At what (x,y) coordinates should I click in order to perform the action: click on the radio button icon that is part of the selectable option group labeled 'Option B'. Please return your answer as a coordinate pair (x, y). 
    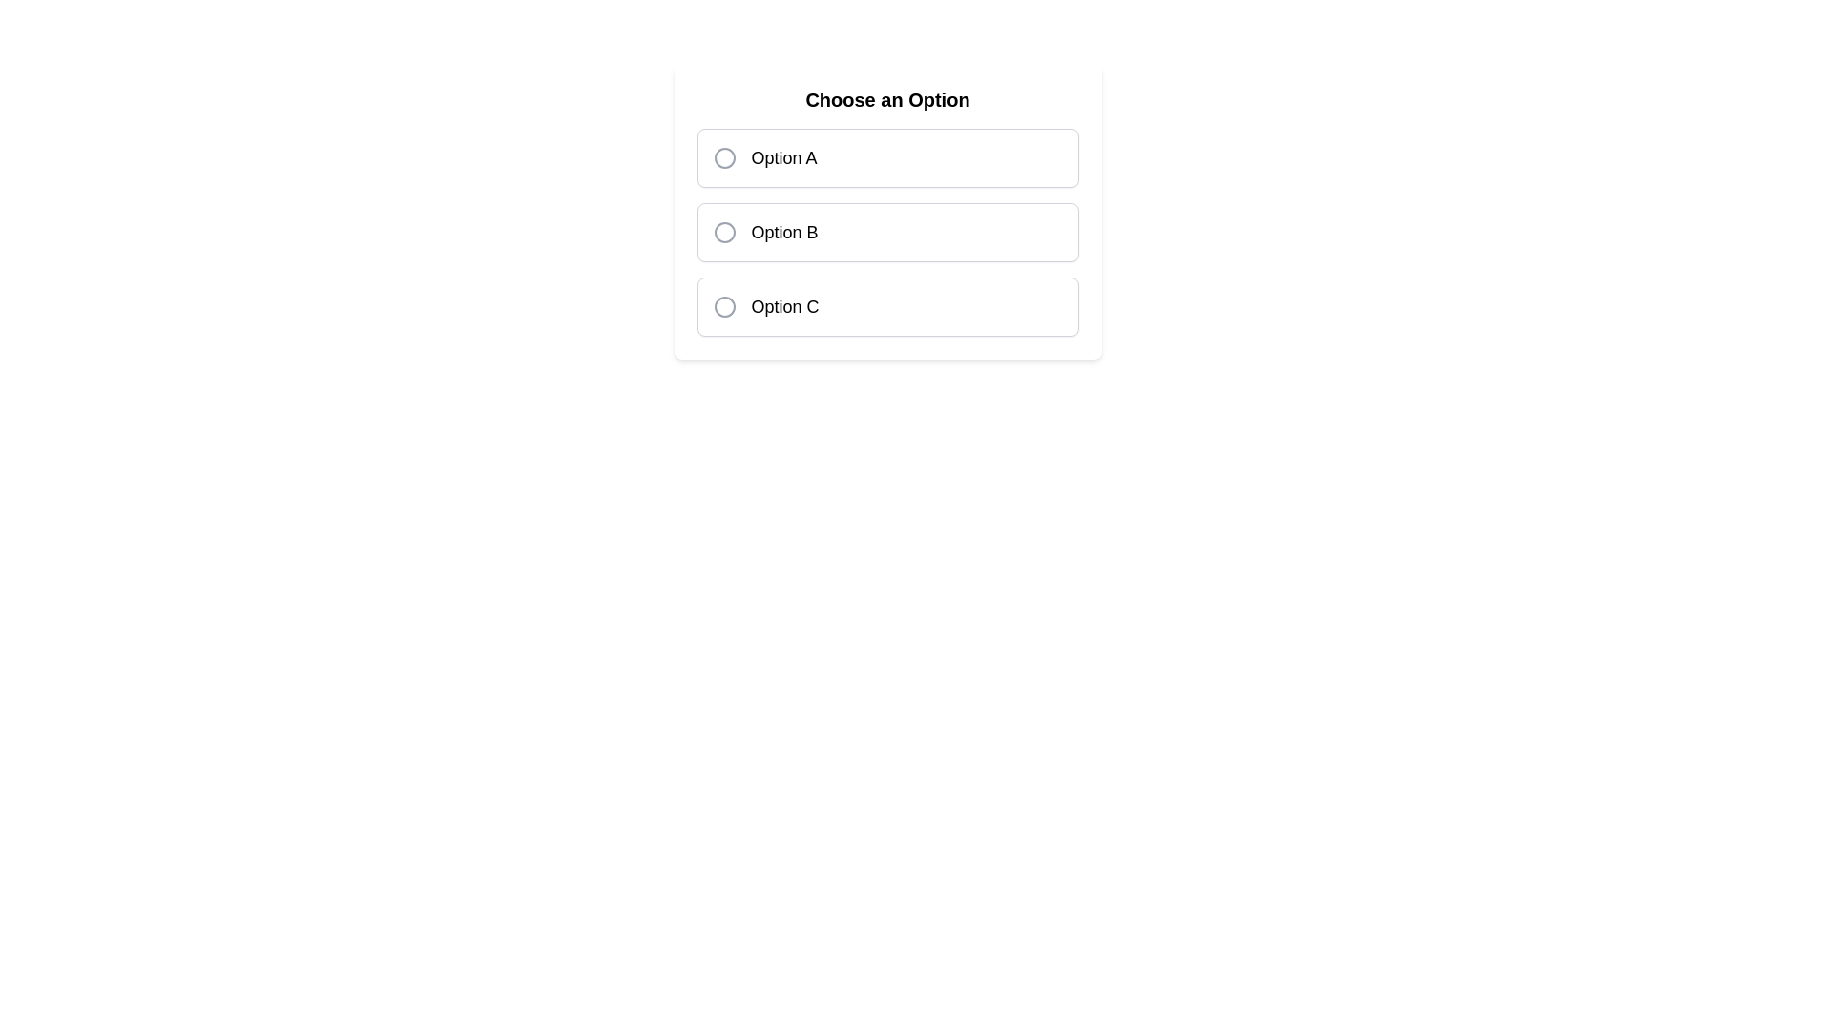
    Looking at the image, I should click on (723, 231).